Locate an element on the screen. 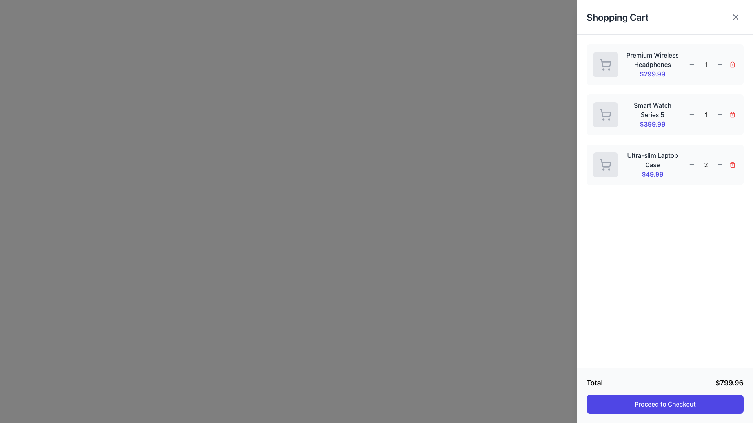  the button to decrease the quantity of the first item in the shopping cart, located to the right of the item description and price is located at coordinates (691, 64).